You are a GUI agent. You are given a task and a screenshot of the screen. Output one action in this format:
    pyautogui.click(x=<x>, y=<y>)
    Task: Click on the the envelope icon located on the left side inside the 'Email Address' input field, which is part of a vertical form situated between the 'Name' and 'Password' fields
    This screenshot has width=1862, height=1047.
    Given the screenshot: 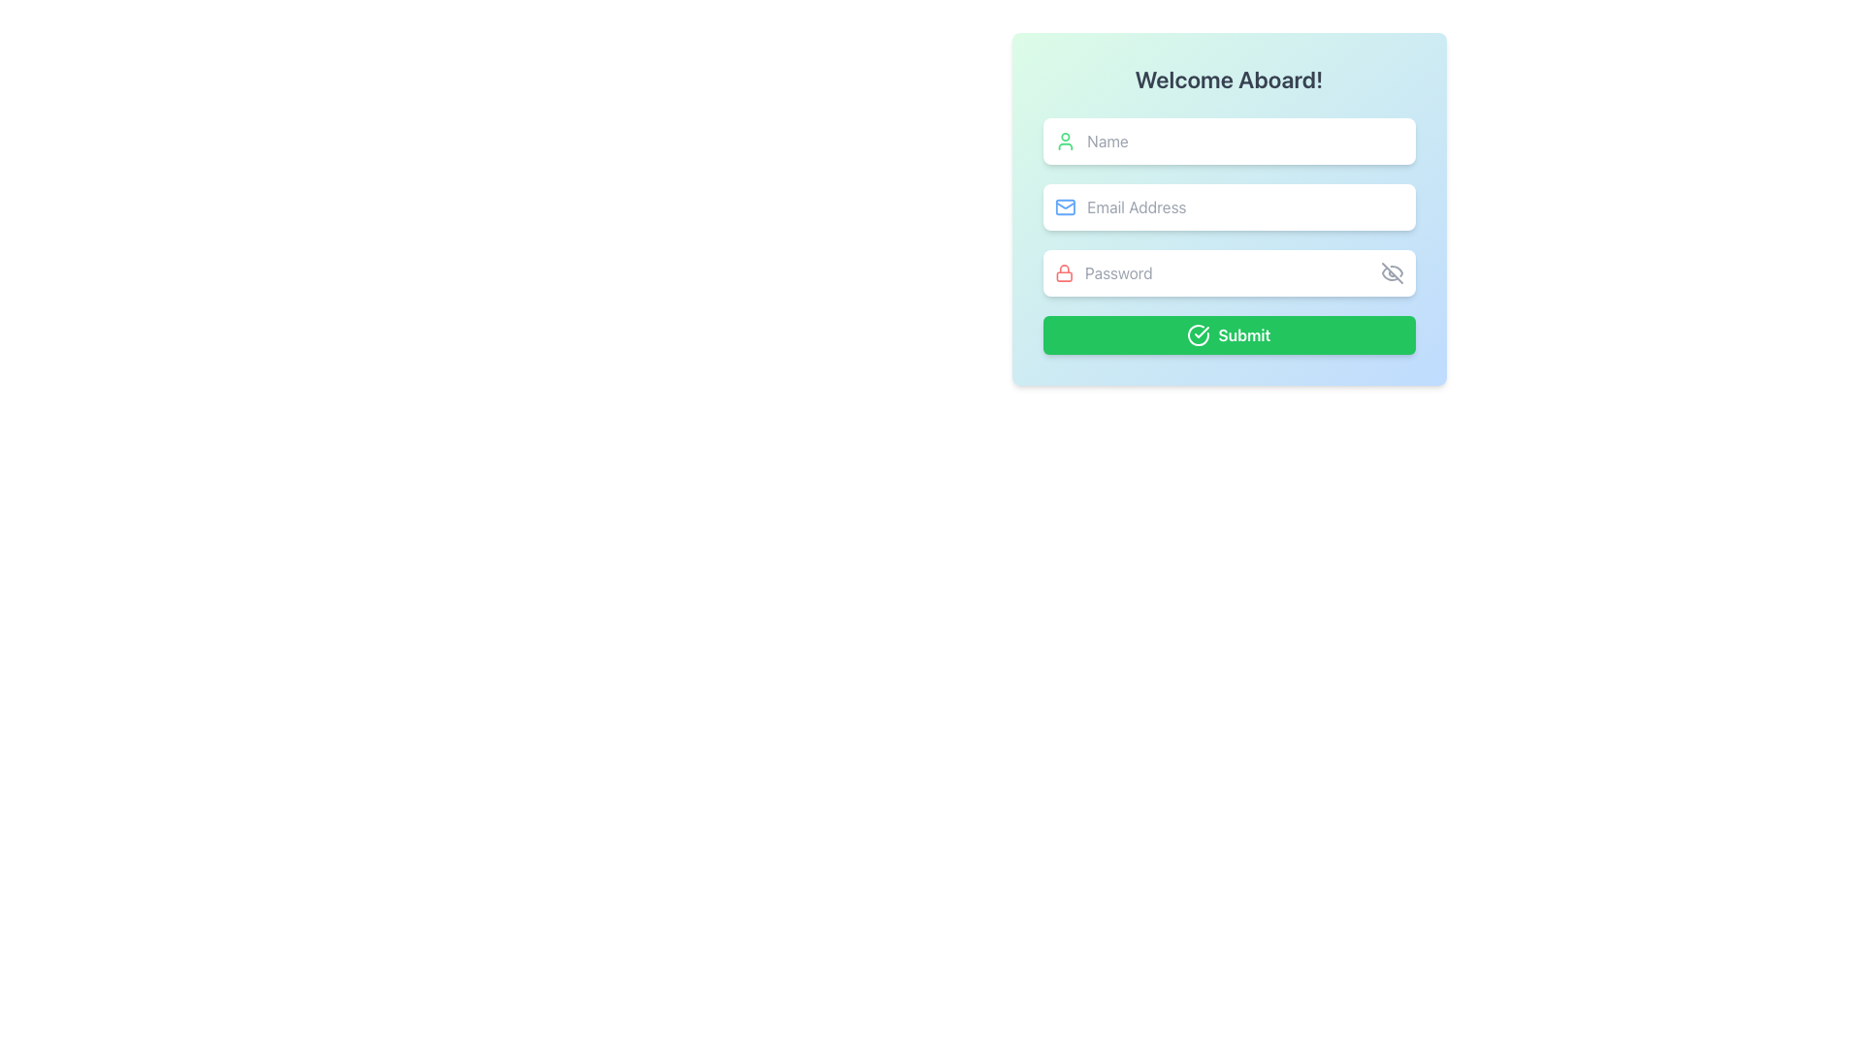 What is the action you would take?
    pyautogui.click(x=1064, y=206)
    